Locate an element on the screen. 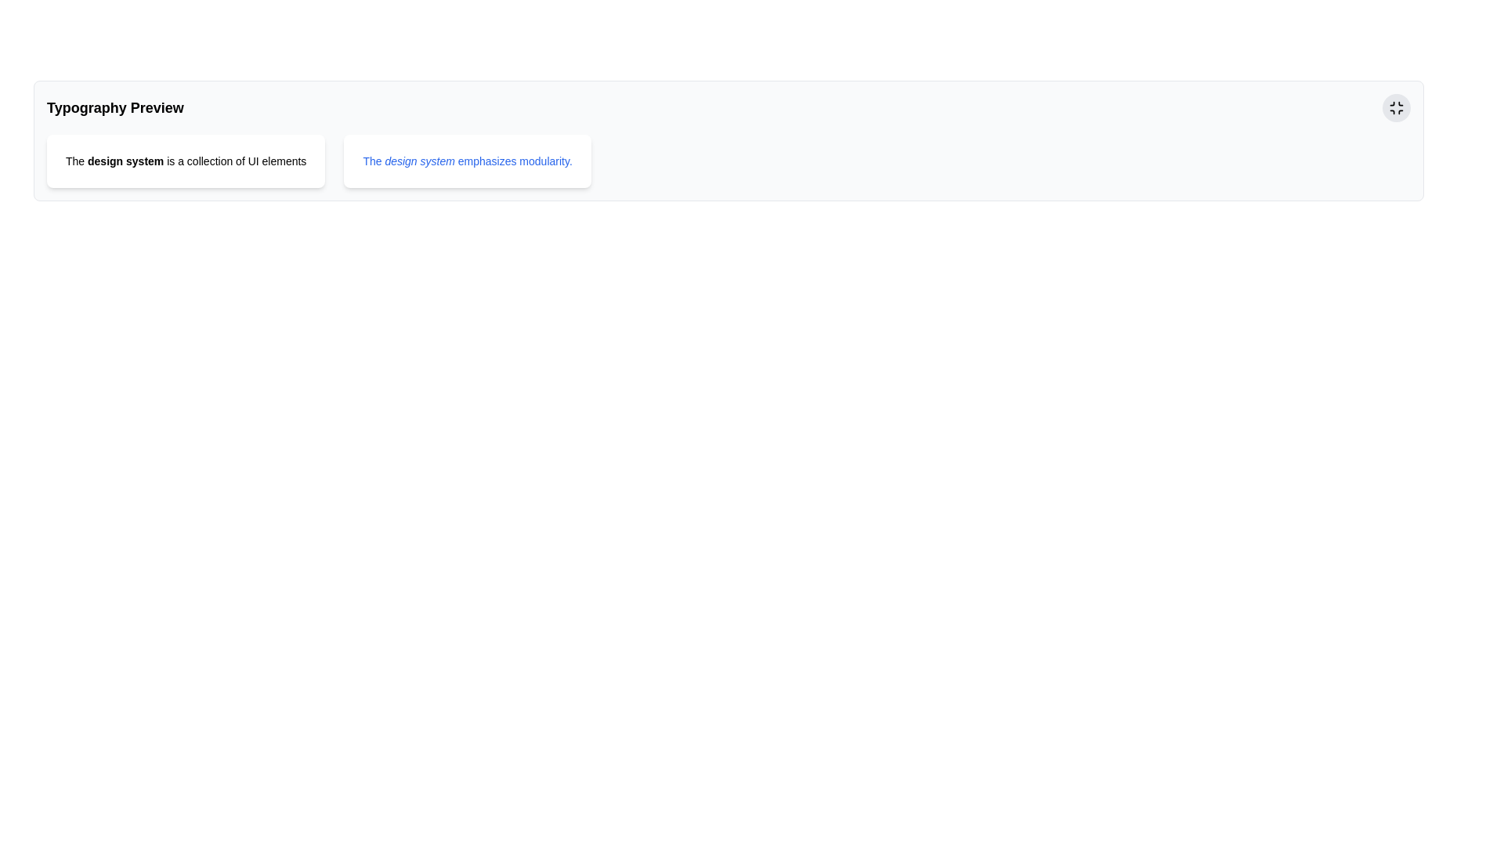  the Informational text block that contains the blue text reading 'The design system emphasizes modularity.' This block has a white background, rounded corners, and a subtle shadow effect, positioned centrally in the vertical direction to the right of another similar element is located at coordinates (467, 161).